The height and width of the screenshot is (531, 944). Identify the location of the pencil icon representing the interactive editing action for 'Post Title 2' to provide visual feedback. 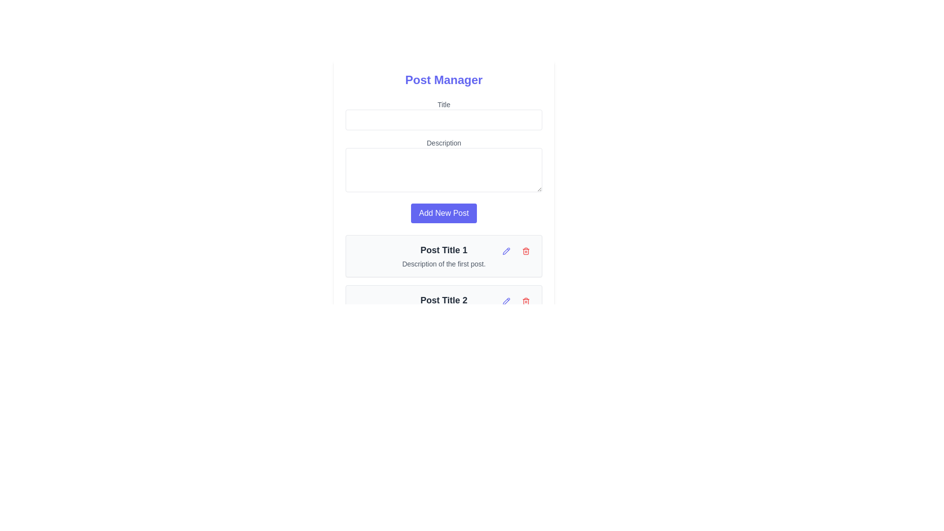
(506, 250).